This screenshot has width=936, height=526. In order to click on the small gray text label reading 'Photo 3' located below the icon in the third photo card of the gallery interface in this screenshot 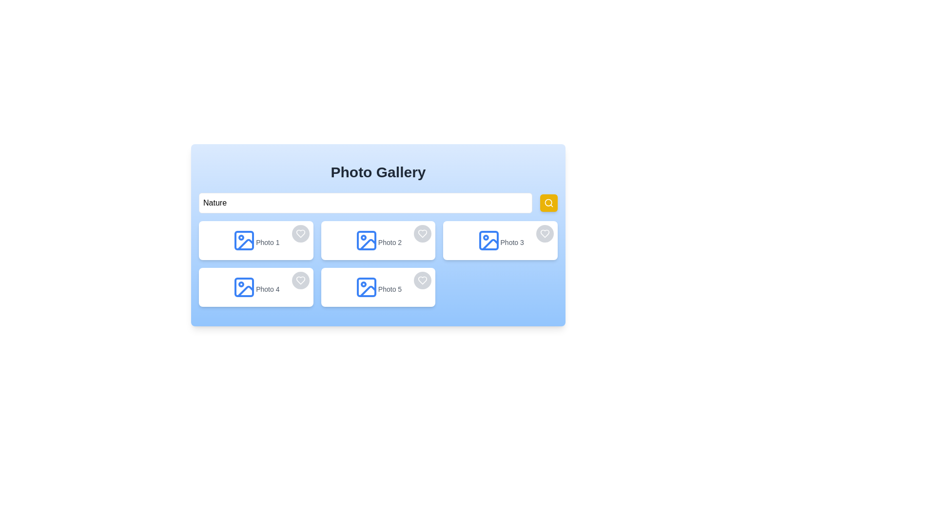, I will do `click(511, 242)`.